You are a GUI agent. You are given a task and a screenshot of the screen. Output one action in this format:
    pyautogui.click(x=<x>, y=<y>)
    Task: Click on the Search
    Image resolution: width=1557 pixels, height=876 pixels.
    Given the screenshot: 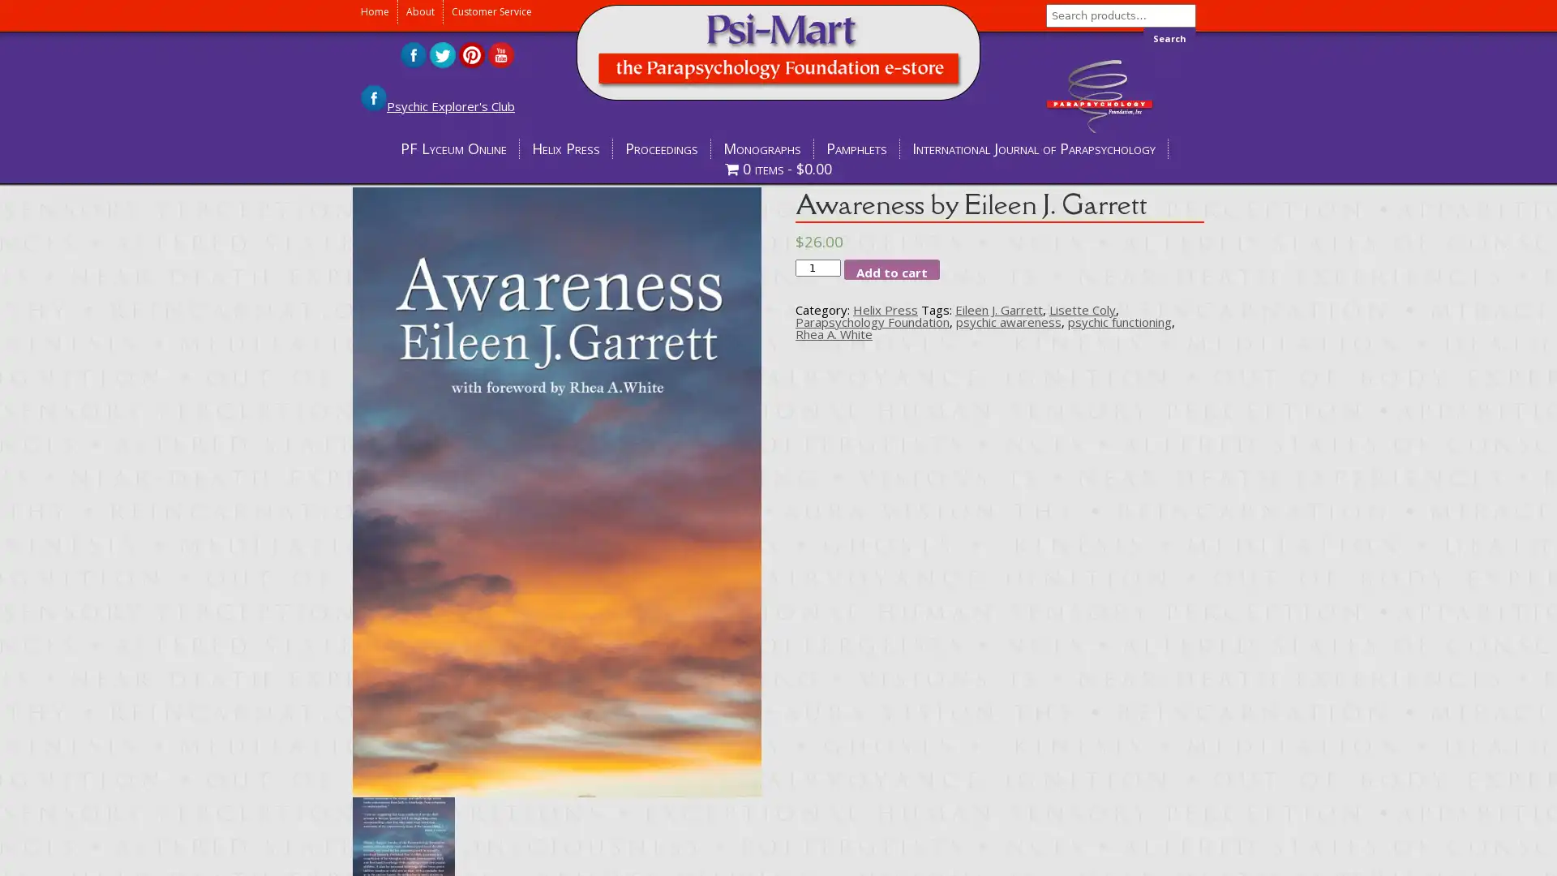 What is the action you would take?
    pyautogui.click(x=1169, y=37)
    